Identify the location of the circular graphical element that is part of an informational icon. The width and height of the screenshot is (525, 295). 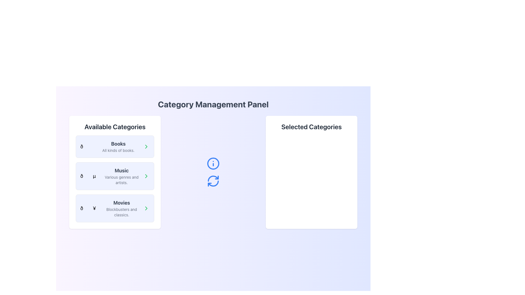
(213, 163).